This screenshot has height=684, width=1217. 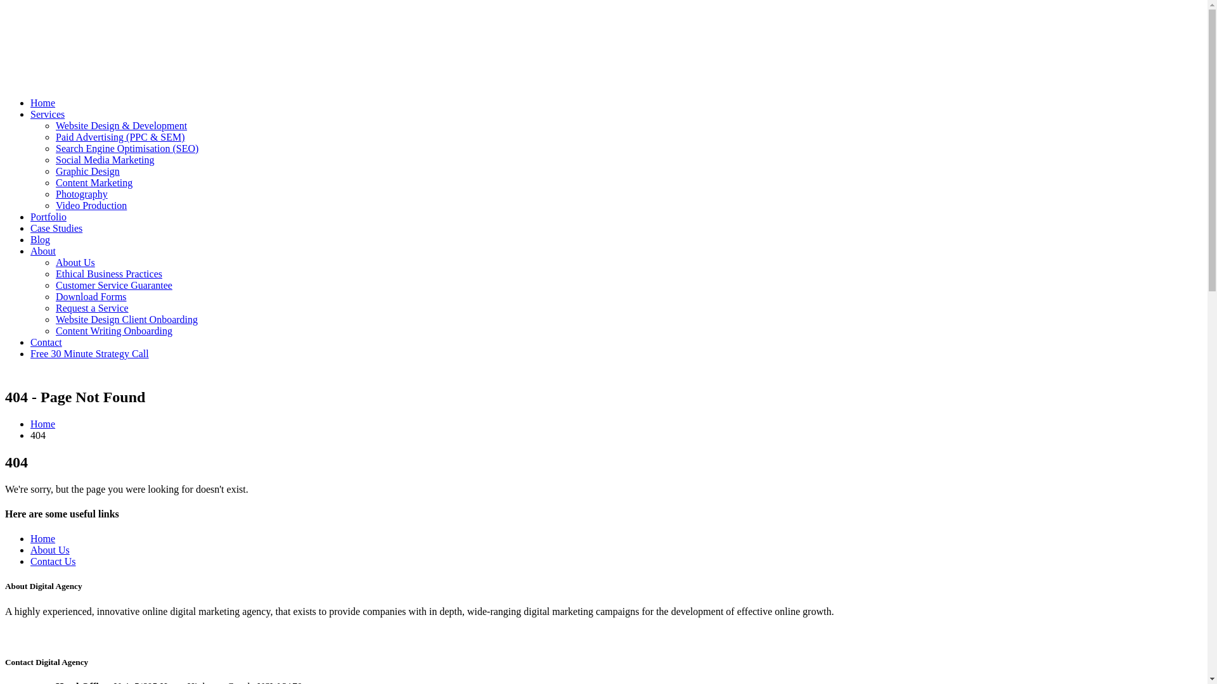 I want to click on 'Video Production', so click(x=91, y=205).